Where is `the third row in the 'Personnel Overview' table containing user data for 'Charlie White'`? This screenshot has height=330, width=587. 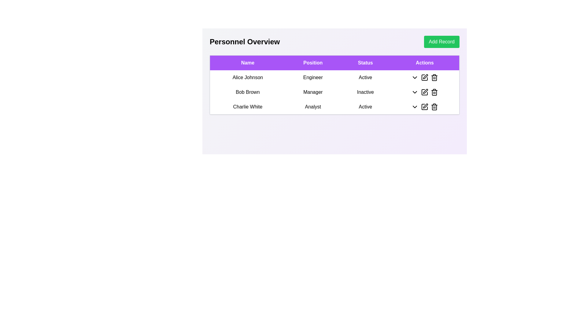 the third row in the 'Personnel Overview' table containing user data for 'Charlie White' is located at coordinates (334, 107).